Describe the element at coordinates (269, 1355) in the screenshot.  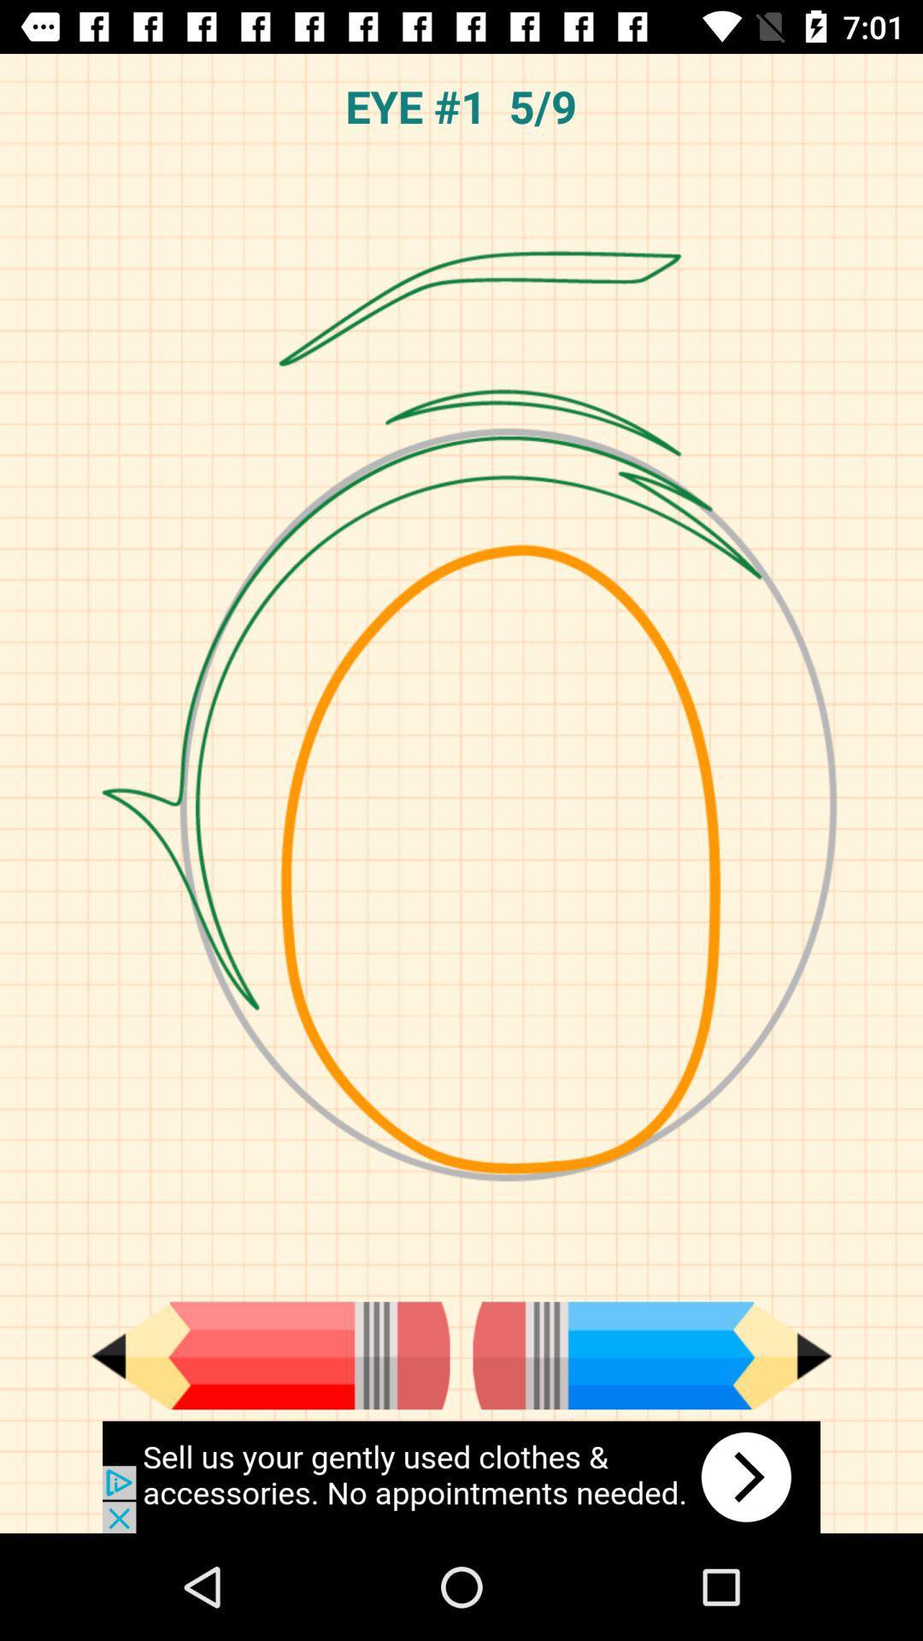
I see `red pencil` at that location.